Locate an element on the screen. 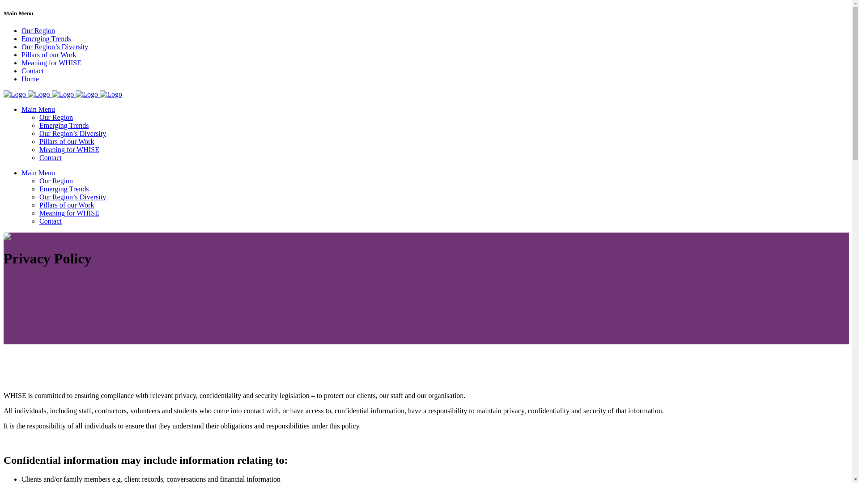 The width and height of the screenshot is (859, 483). 'Emerging Trends' is located at coordinates (64, 188).